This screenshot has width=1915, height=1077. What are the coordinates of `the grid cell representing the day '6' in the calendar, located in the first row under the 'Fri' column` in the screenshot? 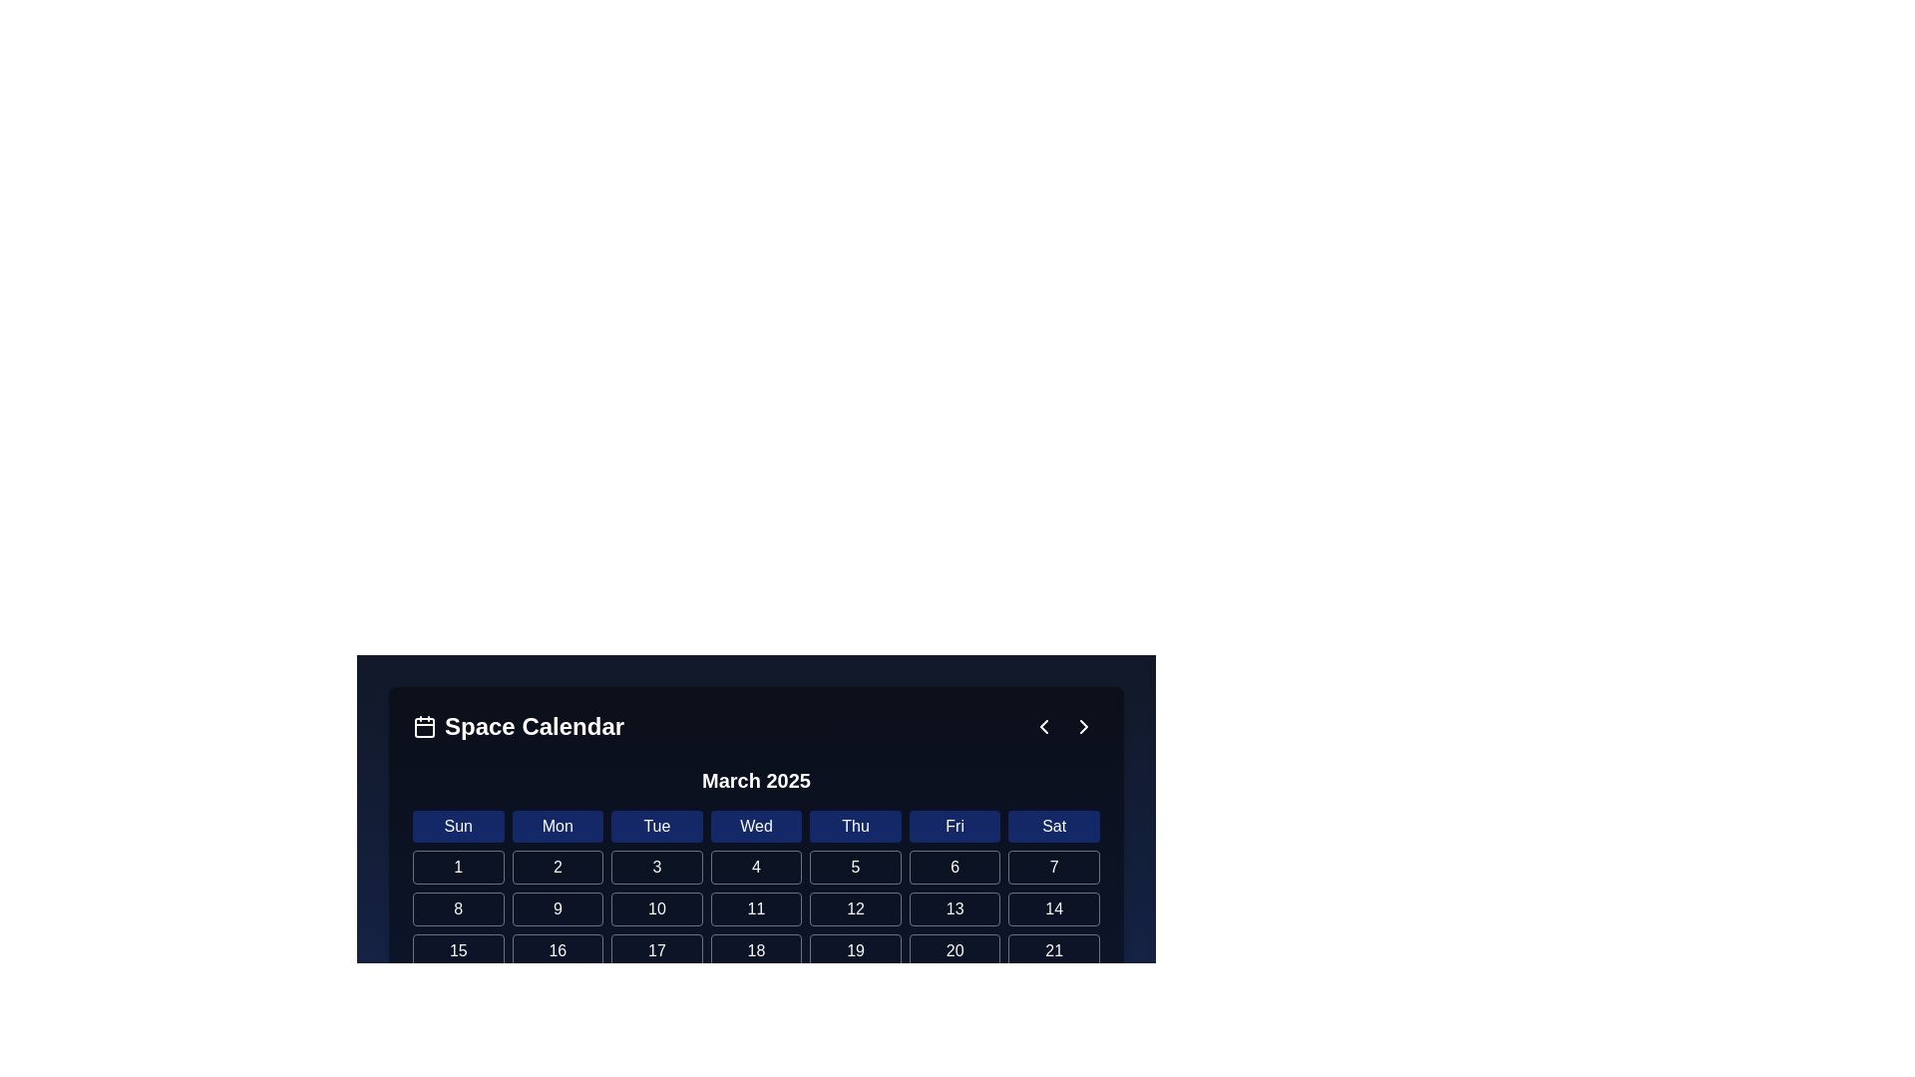 It's located at (954, 867).